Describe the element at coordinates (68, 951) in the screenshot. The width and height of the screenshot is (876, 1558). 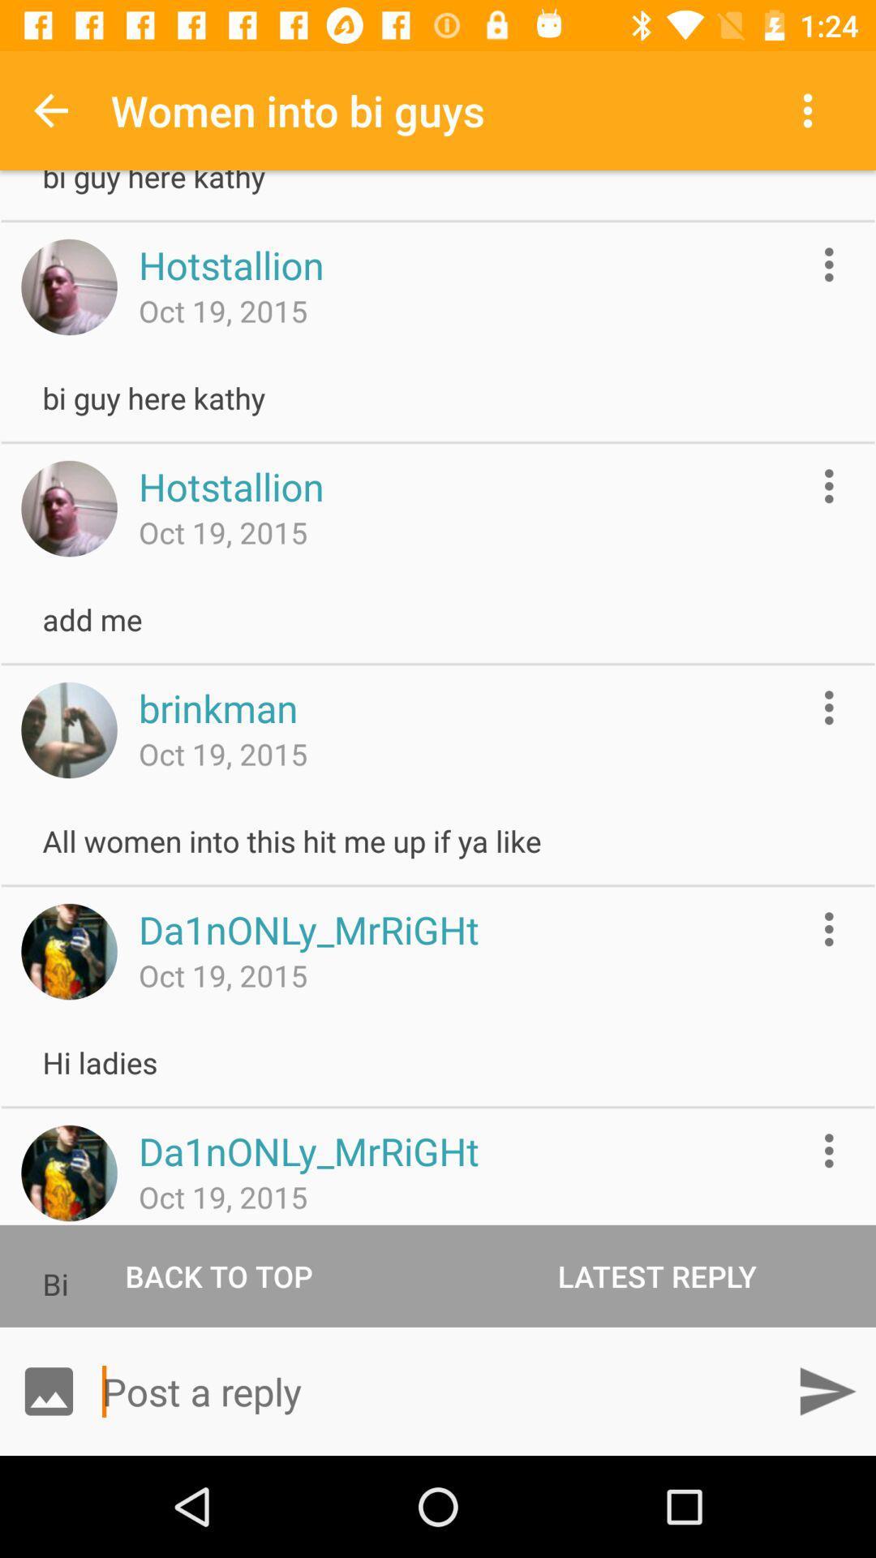
I see `profile picture icon` at that location.